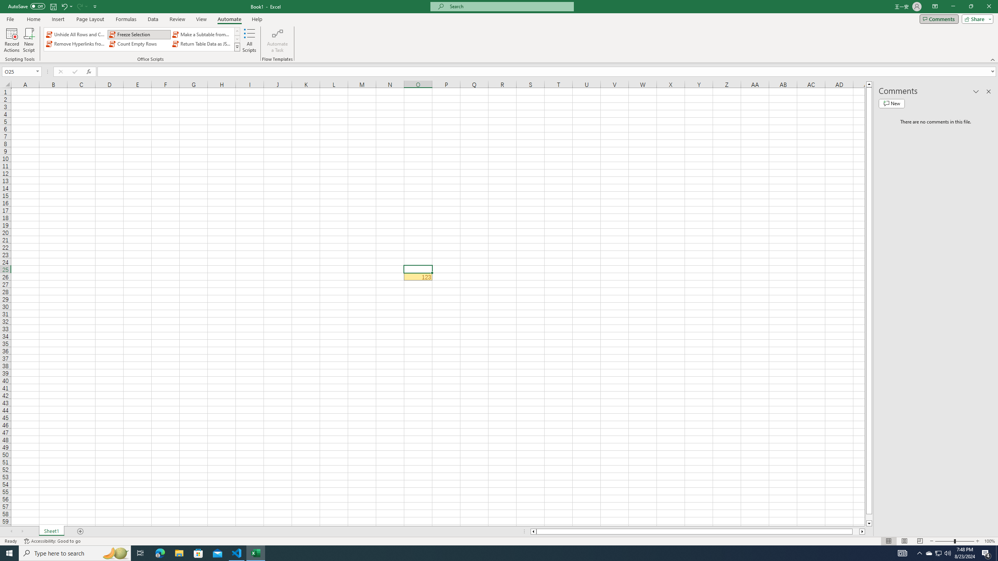 The height and width of the screenshot is (561, 998). Describe the element at coordinates (954, 541) in the screenshot. I see `'Zoom'` at that location.